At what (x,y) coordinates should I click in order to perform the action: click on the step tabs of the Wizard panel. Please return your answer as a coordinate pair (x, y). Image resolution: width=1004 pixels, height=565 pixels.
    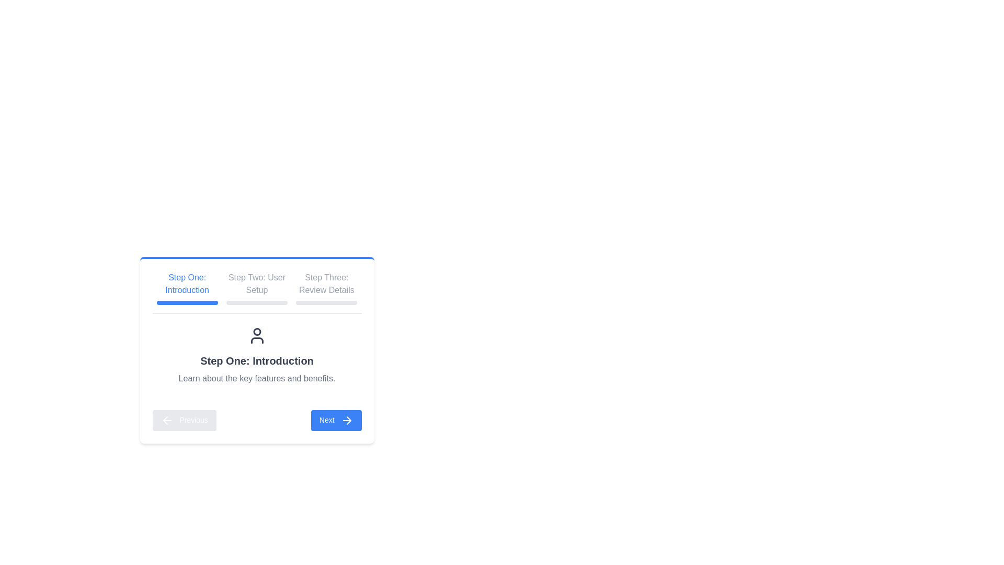
    Looking at the image, I should click on (257, 358).